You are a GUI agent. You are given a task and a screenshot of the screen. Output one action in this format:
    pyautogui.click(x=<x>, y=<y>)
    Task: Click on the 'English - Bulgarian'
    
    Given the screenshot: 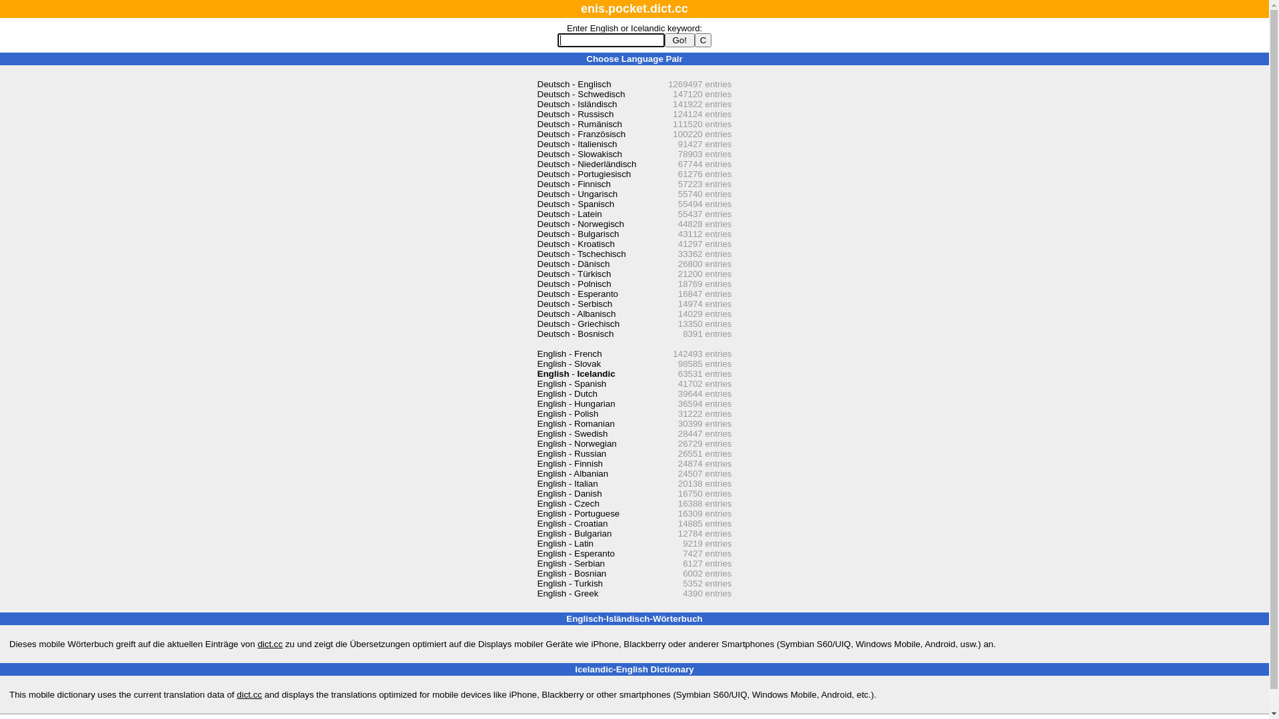 What is the action you would take?
    pyautogui.click(x=574, y=533)
    